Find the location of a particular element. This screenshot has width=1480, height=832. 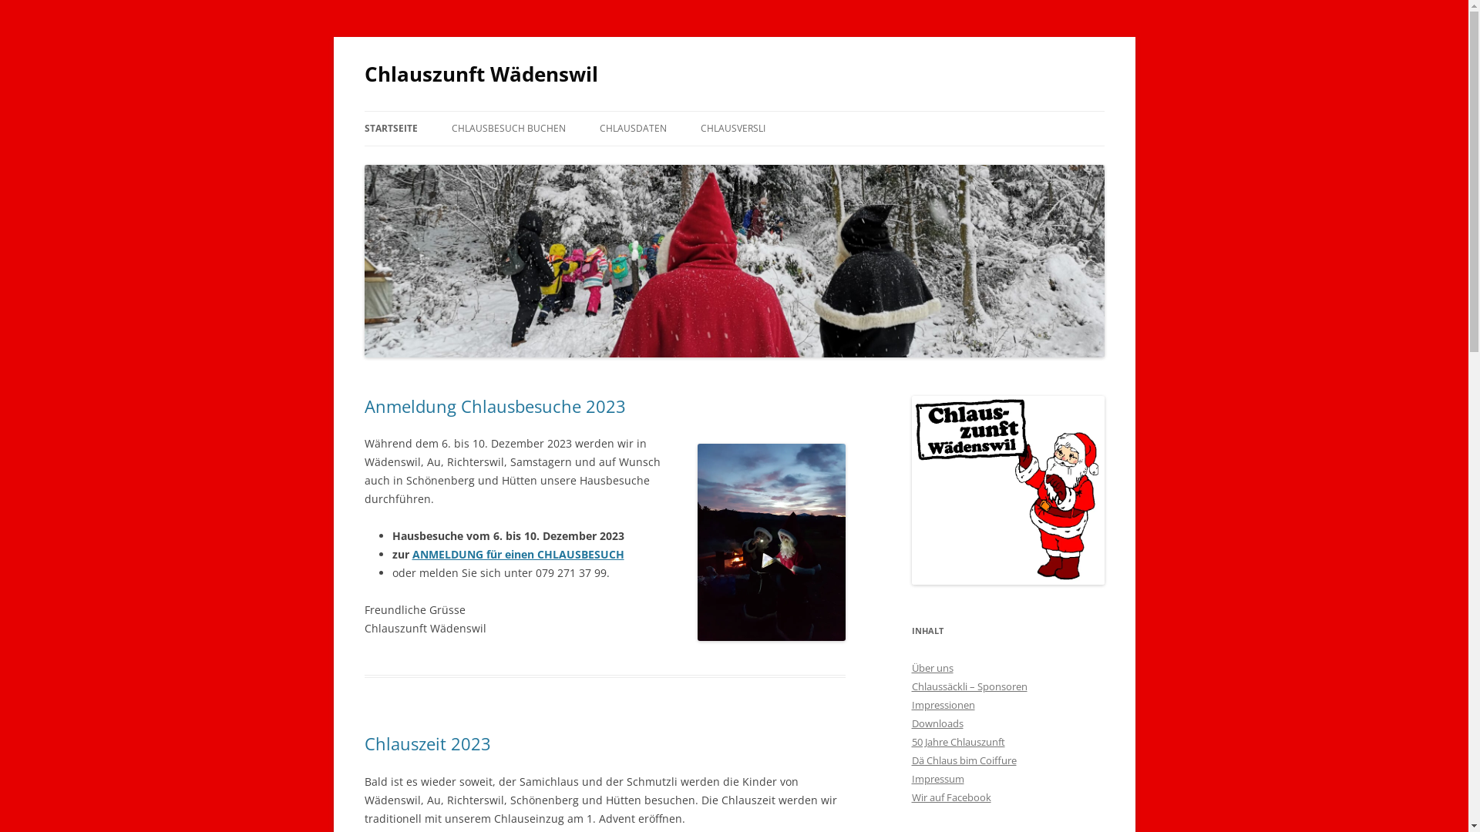

'Downloads' is located at coordinates (936, 723).